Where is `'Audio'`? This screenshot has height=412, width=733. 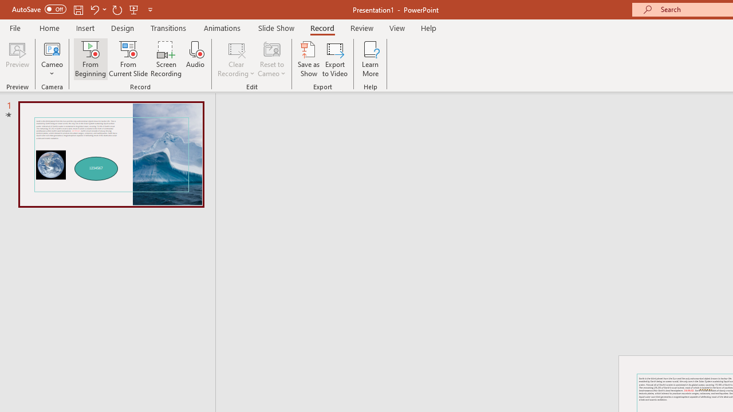 'Audio' is located at coordinates (195, 59).